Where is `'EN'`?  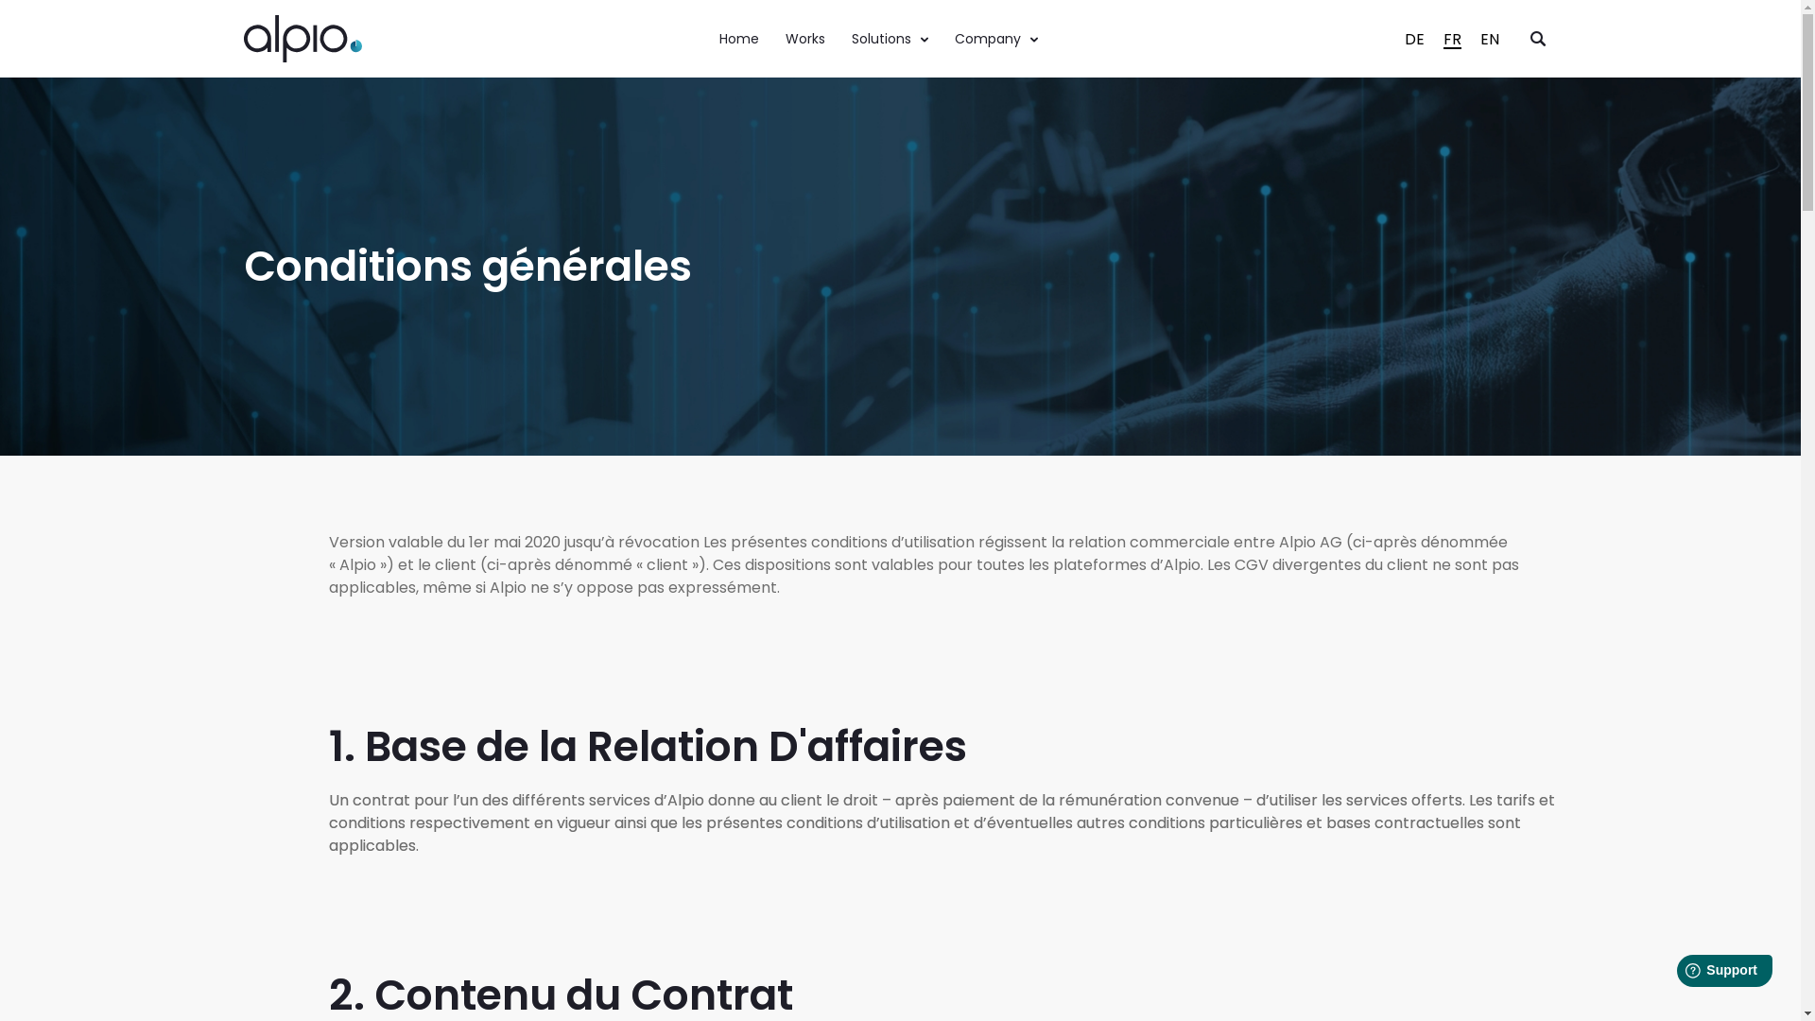 'EN' is located at coordinates (1469, 39).